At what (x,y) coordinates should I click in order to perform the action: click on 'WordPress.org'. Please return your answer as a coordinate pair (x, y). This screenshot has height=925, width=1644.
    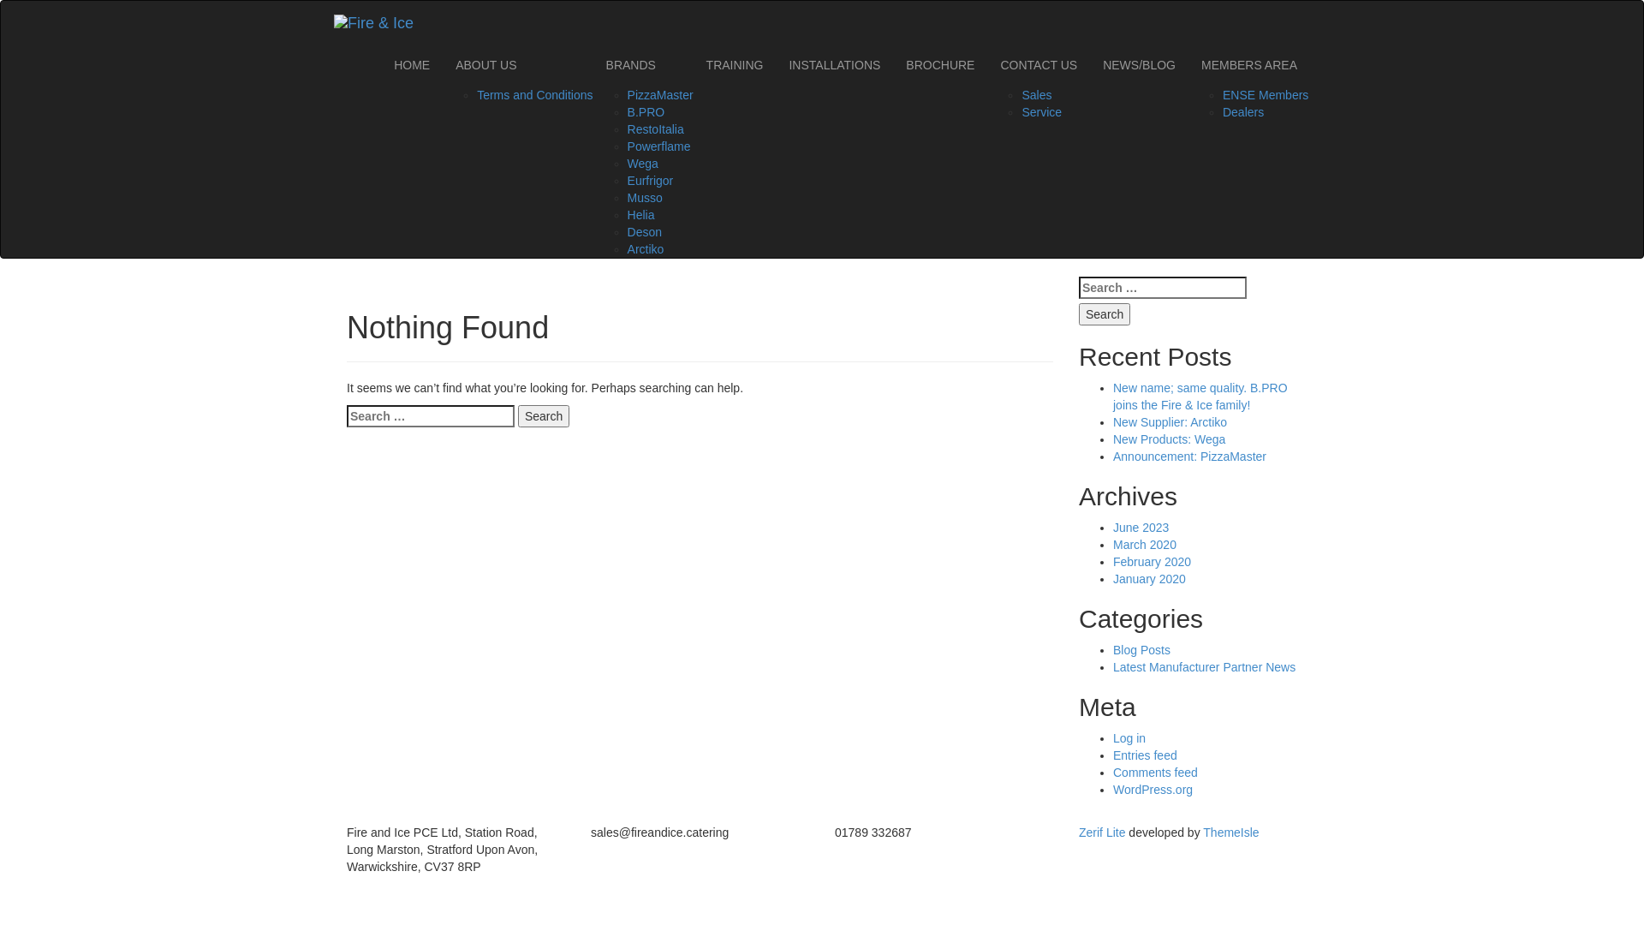
    Looking at the image, I should click on (1153, 789).